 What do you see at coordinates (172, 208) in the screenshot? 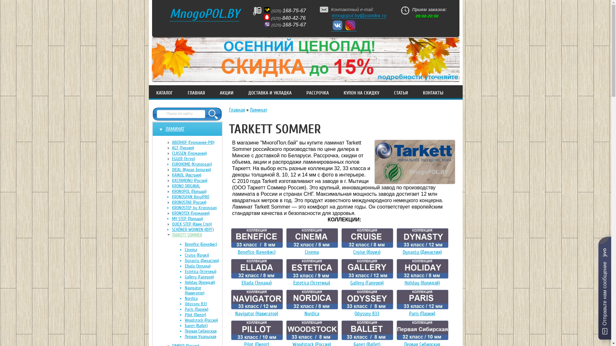
I see `'KRONOSTEP by Kronospan'` at bounding box center [172, 208].